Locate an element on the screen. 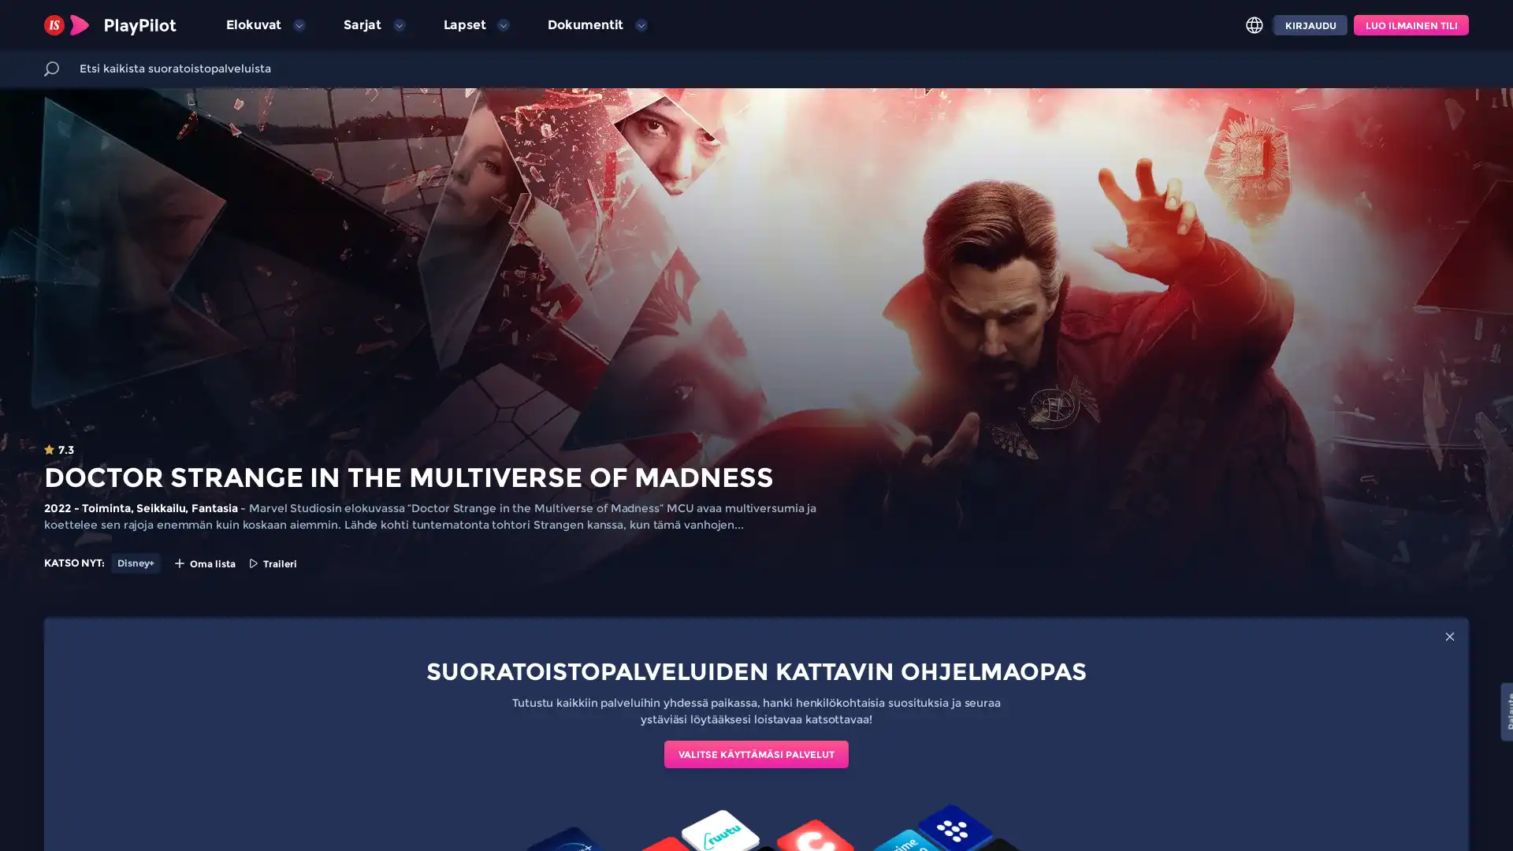  Oma lista is located at coordinates (204, 562).